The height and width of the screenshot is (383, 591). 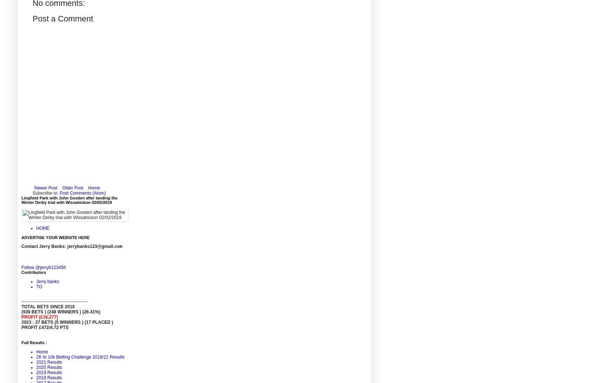 What do you see at coordinates (33, 272) in the screenshot?
I see `'Contributors'` at bounding box center [33, 272].